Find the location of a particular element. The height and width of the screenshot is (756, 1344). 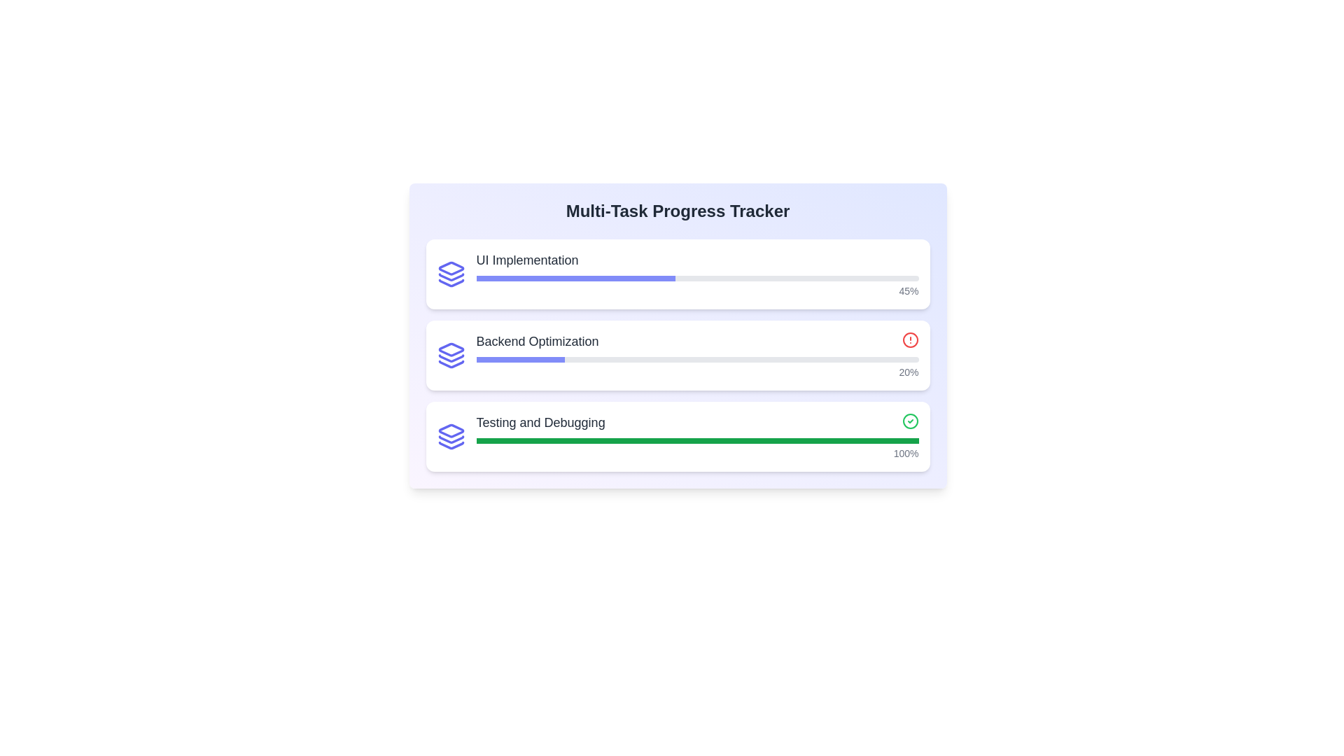

alert icon associated with the progress bar that indicates the task's progress, located between 'UI Implementation' and 'Testing and Debugging' is located at coordinates (697, 355).